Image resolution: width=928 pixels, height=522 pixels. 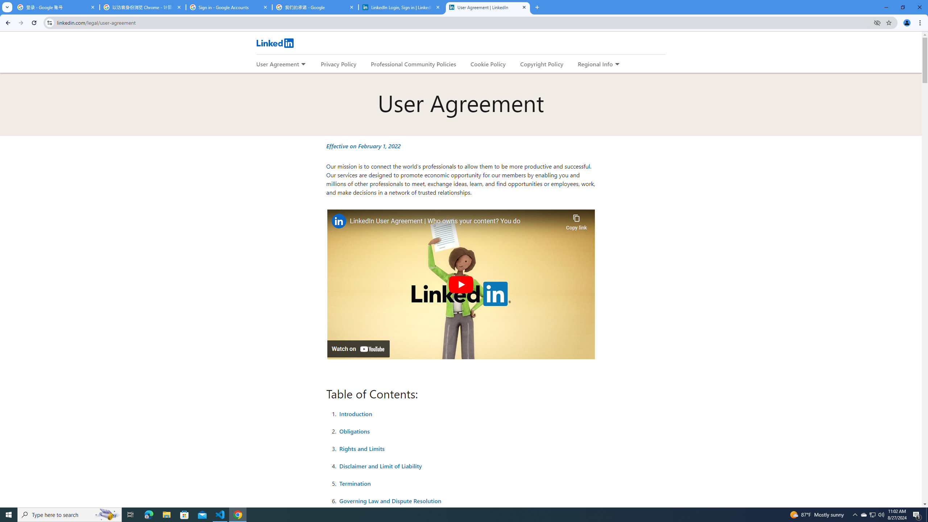 I want to click on 'Watch on YouTube', so click(x=358, y=348).